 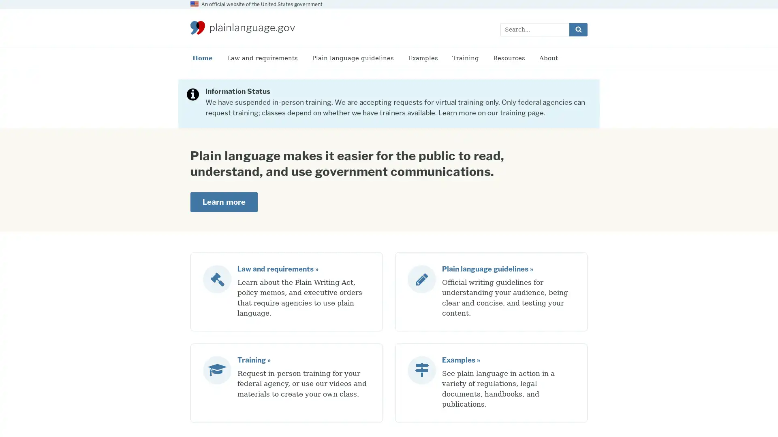 What do you see at coordinates (578, 29) in the screenshot?
I see `Search` at bounding box center [578, 29].